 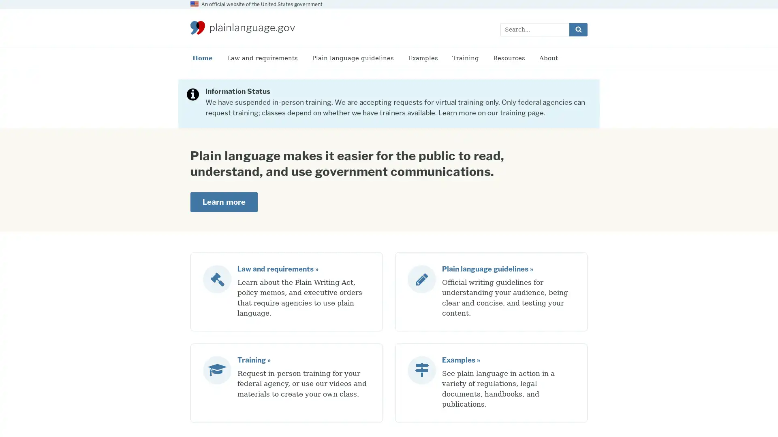 What do you see at coordinates (578, 29) in the screenshot?
I see `Search` at bounding box center [578, 29].